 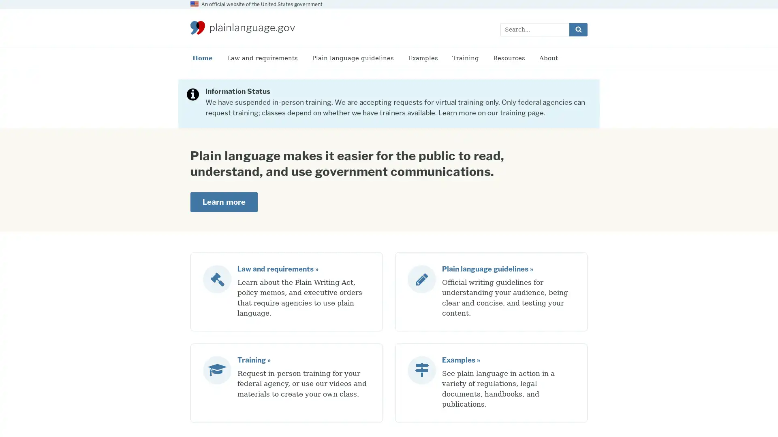 What do you see at coordinates (578, 29) in the screenshot?
I see `Search` at bounding box center [578, 29].